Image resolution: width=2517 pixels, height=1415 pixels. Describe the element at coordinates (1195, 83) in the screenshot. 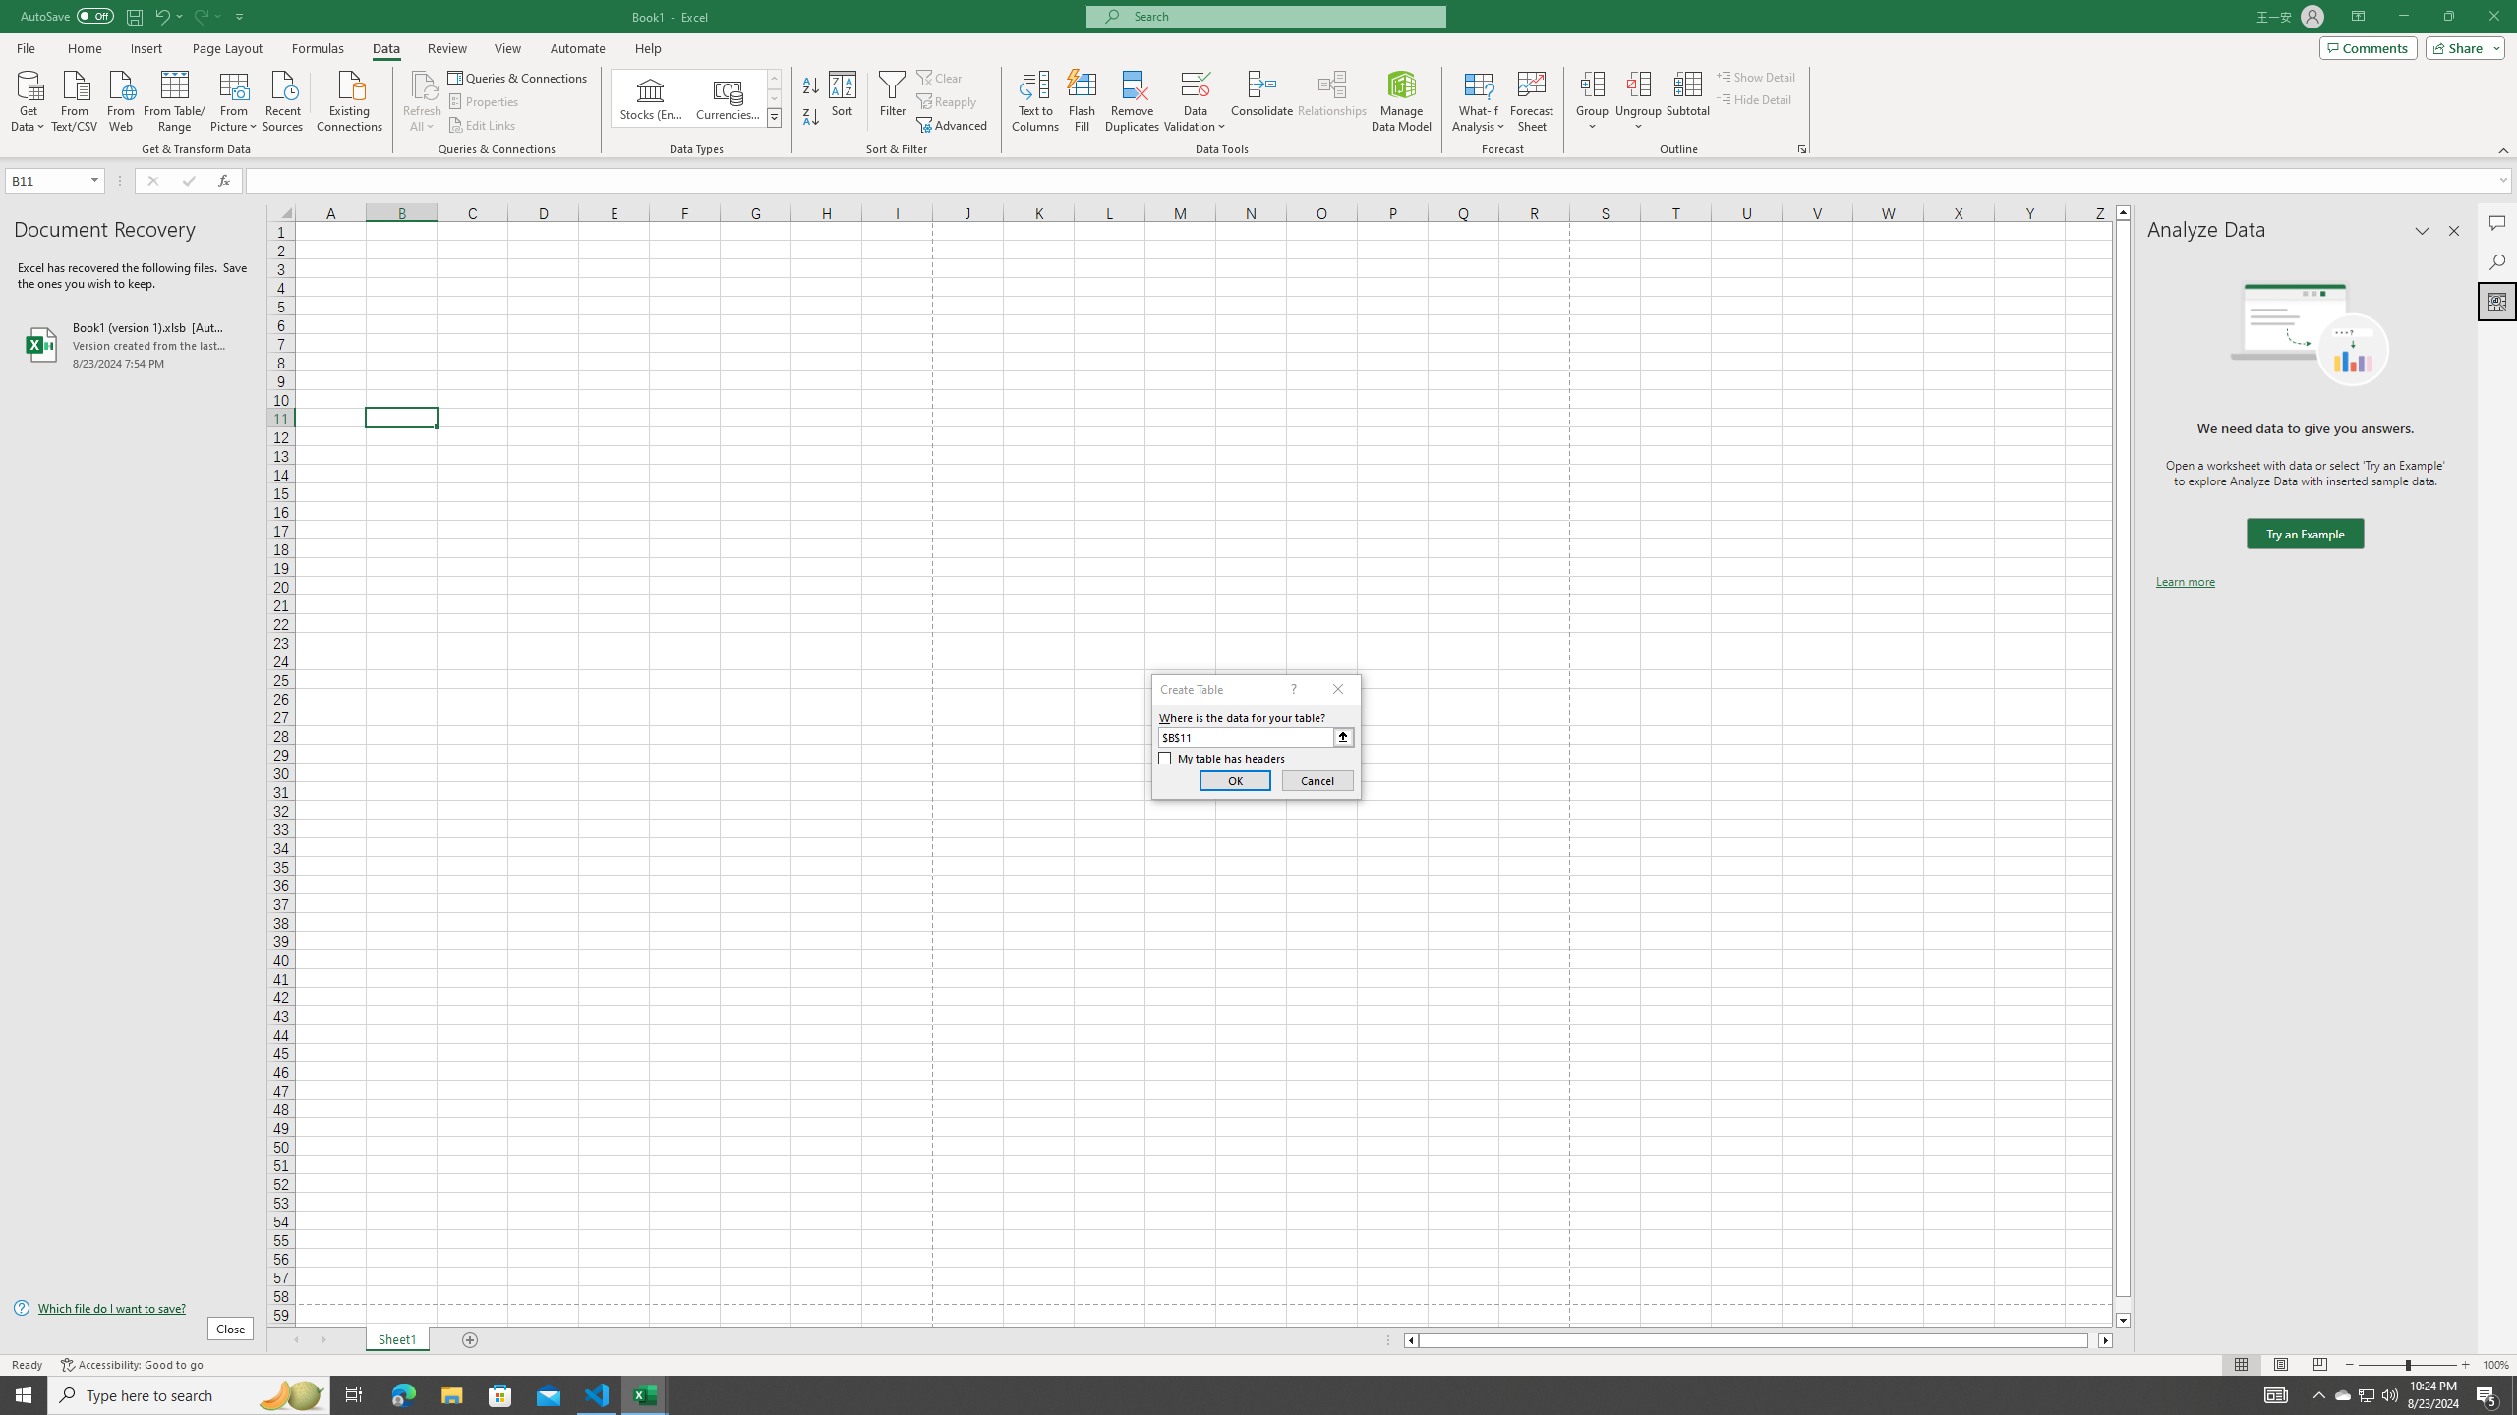

I see `'Data Validation...'` at that location.